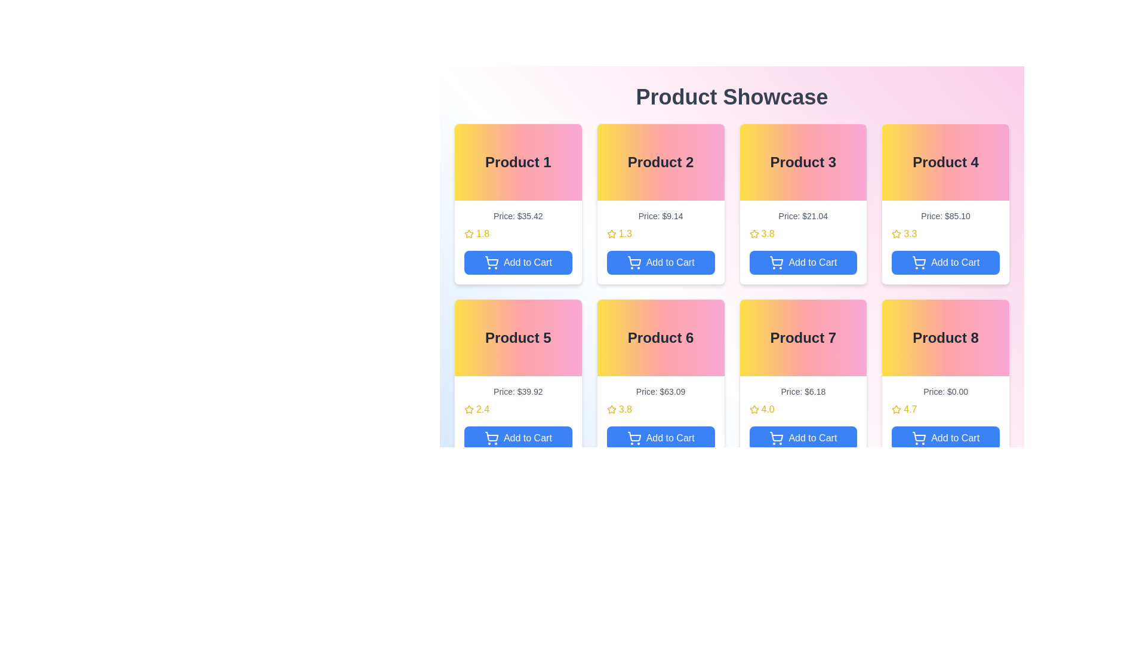 The height and width of the screenshot is (645, 1146). Describe the element at coordinates (897, 233) in the screenshot. I see `the star icon representing the rating for 'Product 4'` at that location.